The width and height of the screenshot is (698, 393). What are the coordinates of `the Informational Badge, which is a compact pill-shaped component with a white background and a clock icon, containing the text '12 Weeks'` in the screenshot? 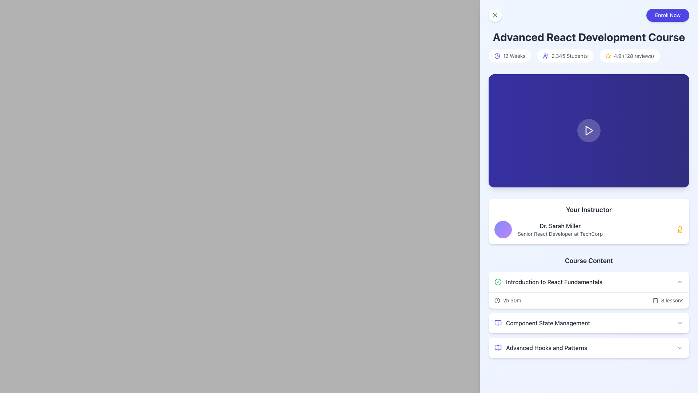 It's located at (509, 56).